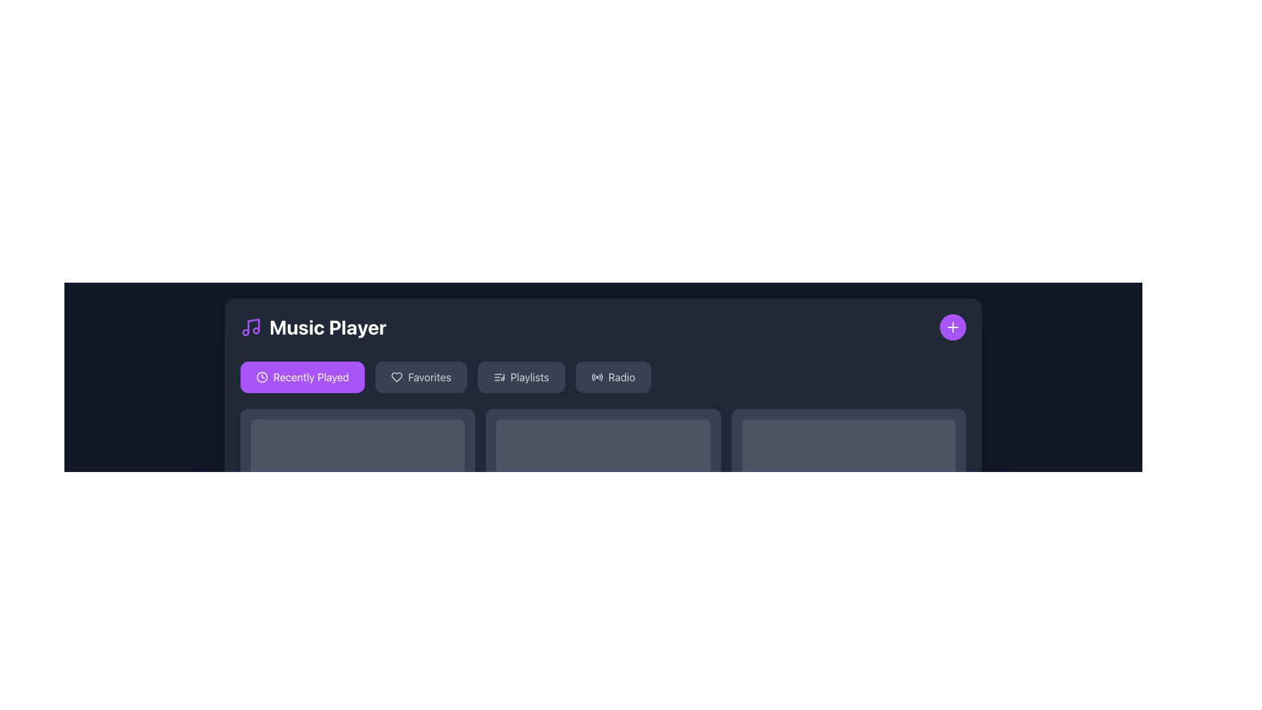  I want to click on the 'Playlists' text label within the button located in the horizontally-aligned menu bar beneath the 'Music Player' heading, so click(530, 377).